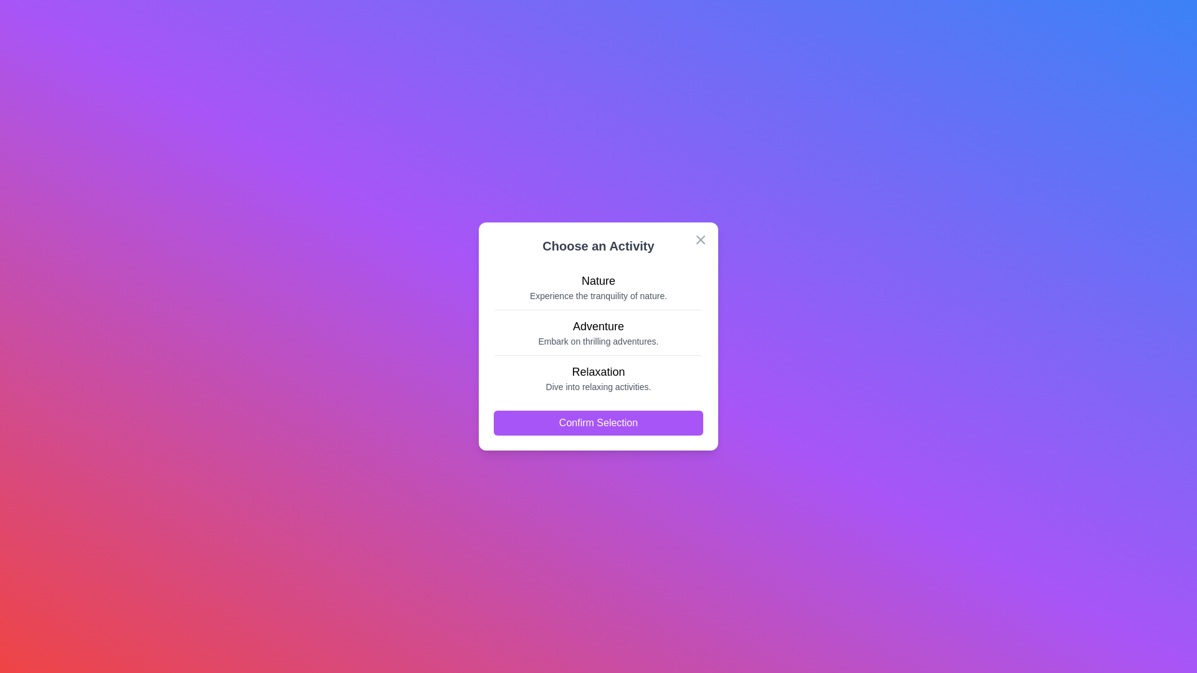  Describe the element at coordinates (598, 422) in the screenshot. I see `the 'Confirm Selection' button to confirm the current selection` at that location.